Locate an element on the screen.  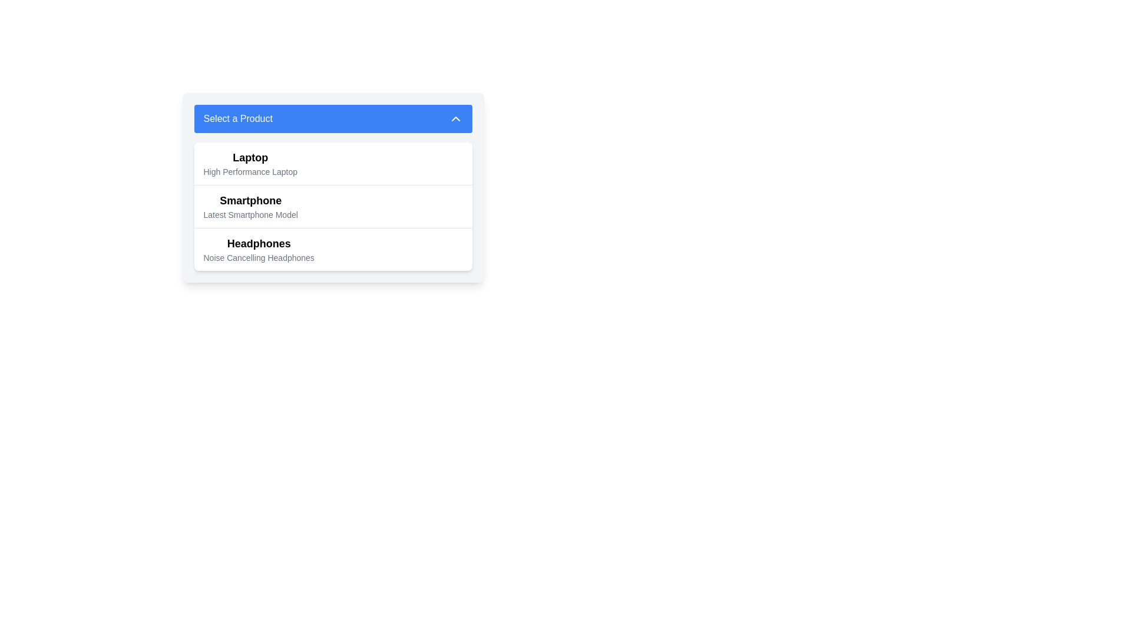
the list item containing the text 'Smartphone' is located at coordinates (250, 206).